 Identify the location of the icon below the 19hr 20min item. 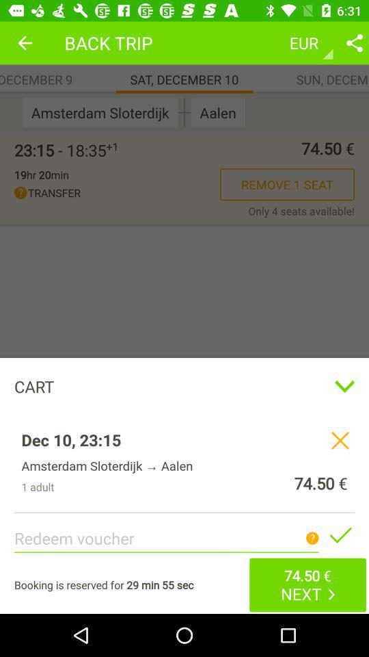
(117, 192).